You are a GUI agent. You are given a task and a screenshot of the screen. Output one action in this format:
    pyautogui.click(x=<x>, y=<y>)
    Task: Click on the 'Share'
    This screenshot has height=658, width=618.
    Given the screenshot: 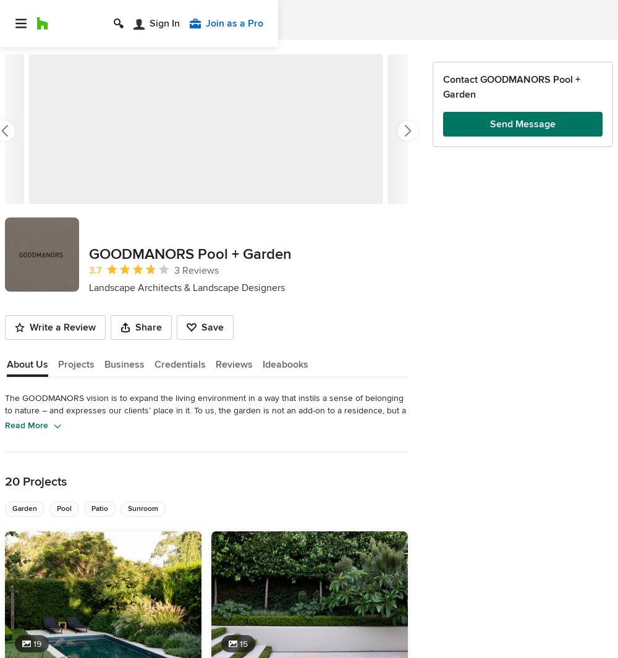 What is the action you would take?
    pyautogui.click(x=148, y=327)
    